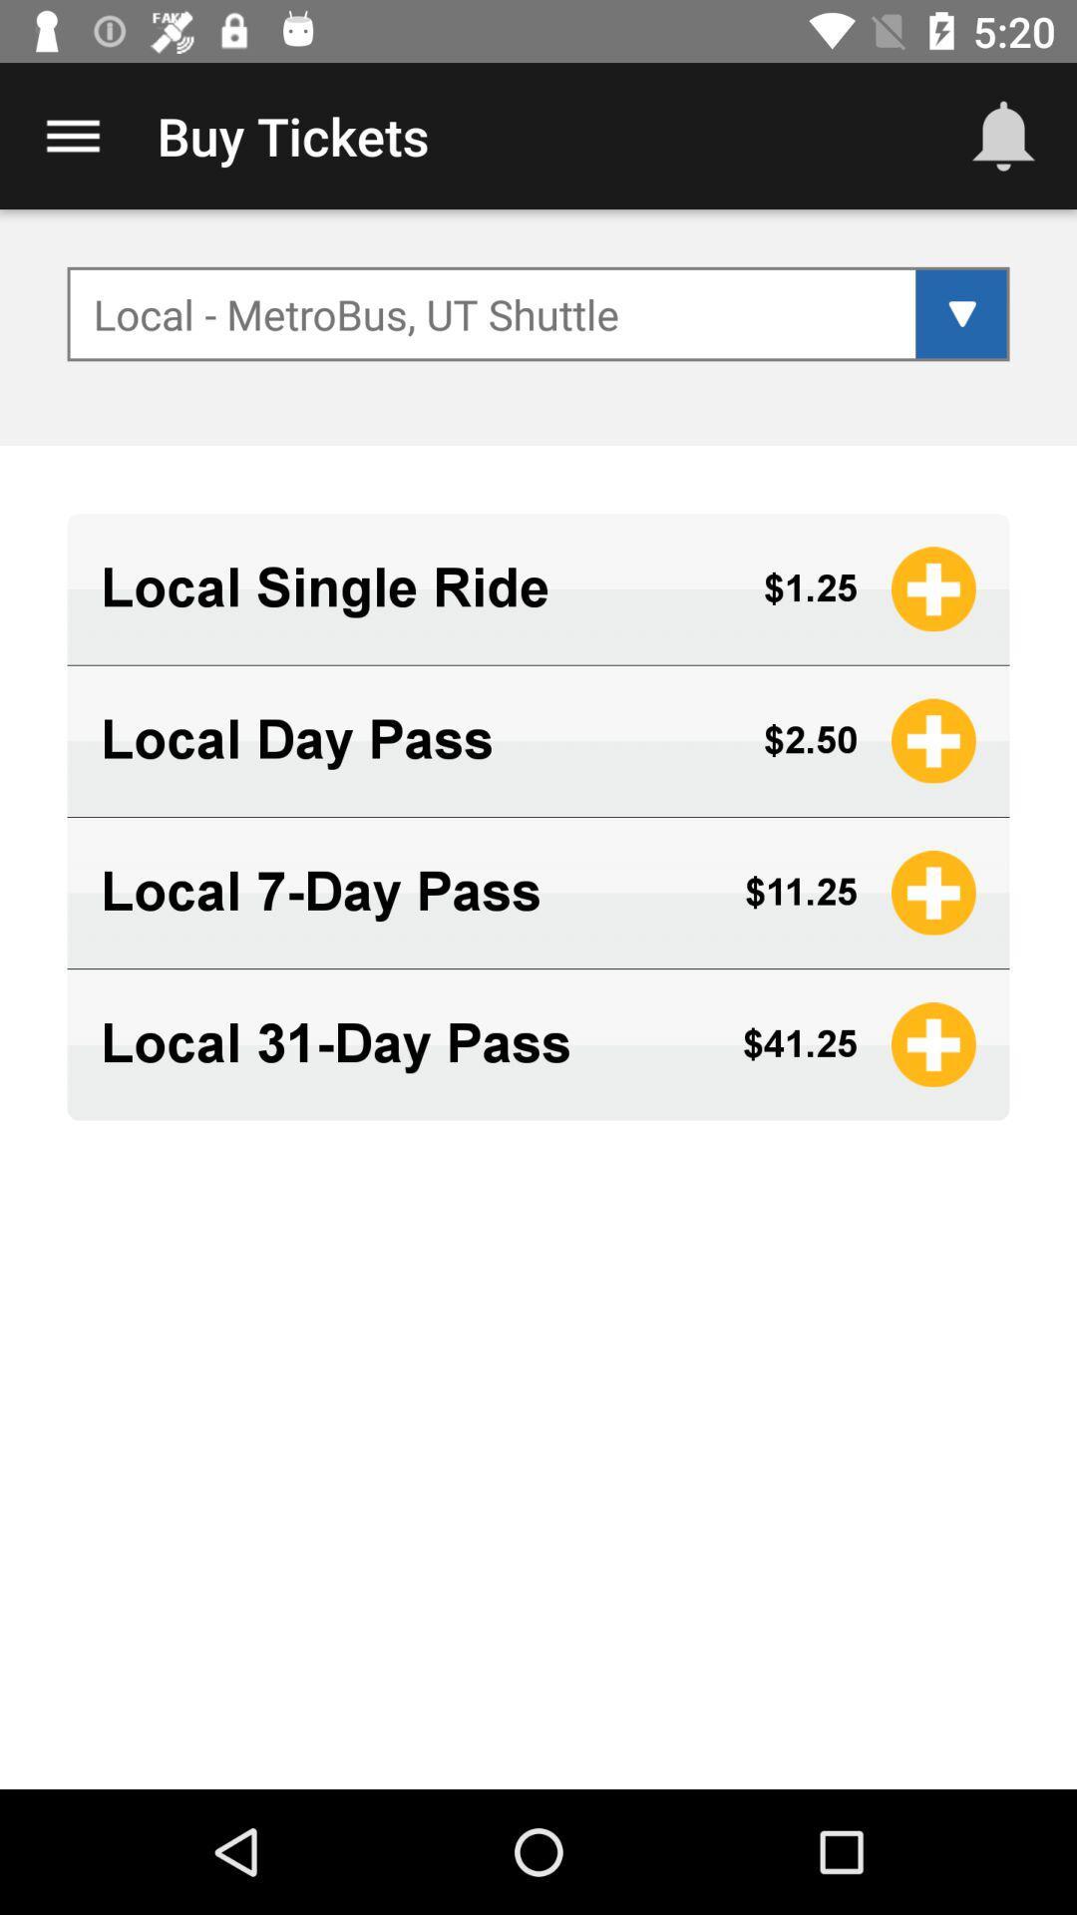 The height and width of the screenshot is (1915, 1077). I want to click on local single ride, so click(414, 587).